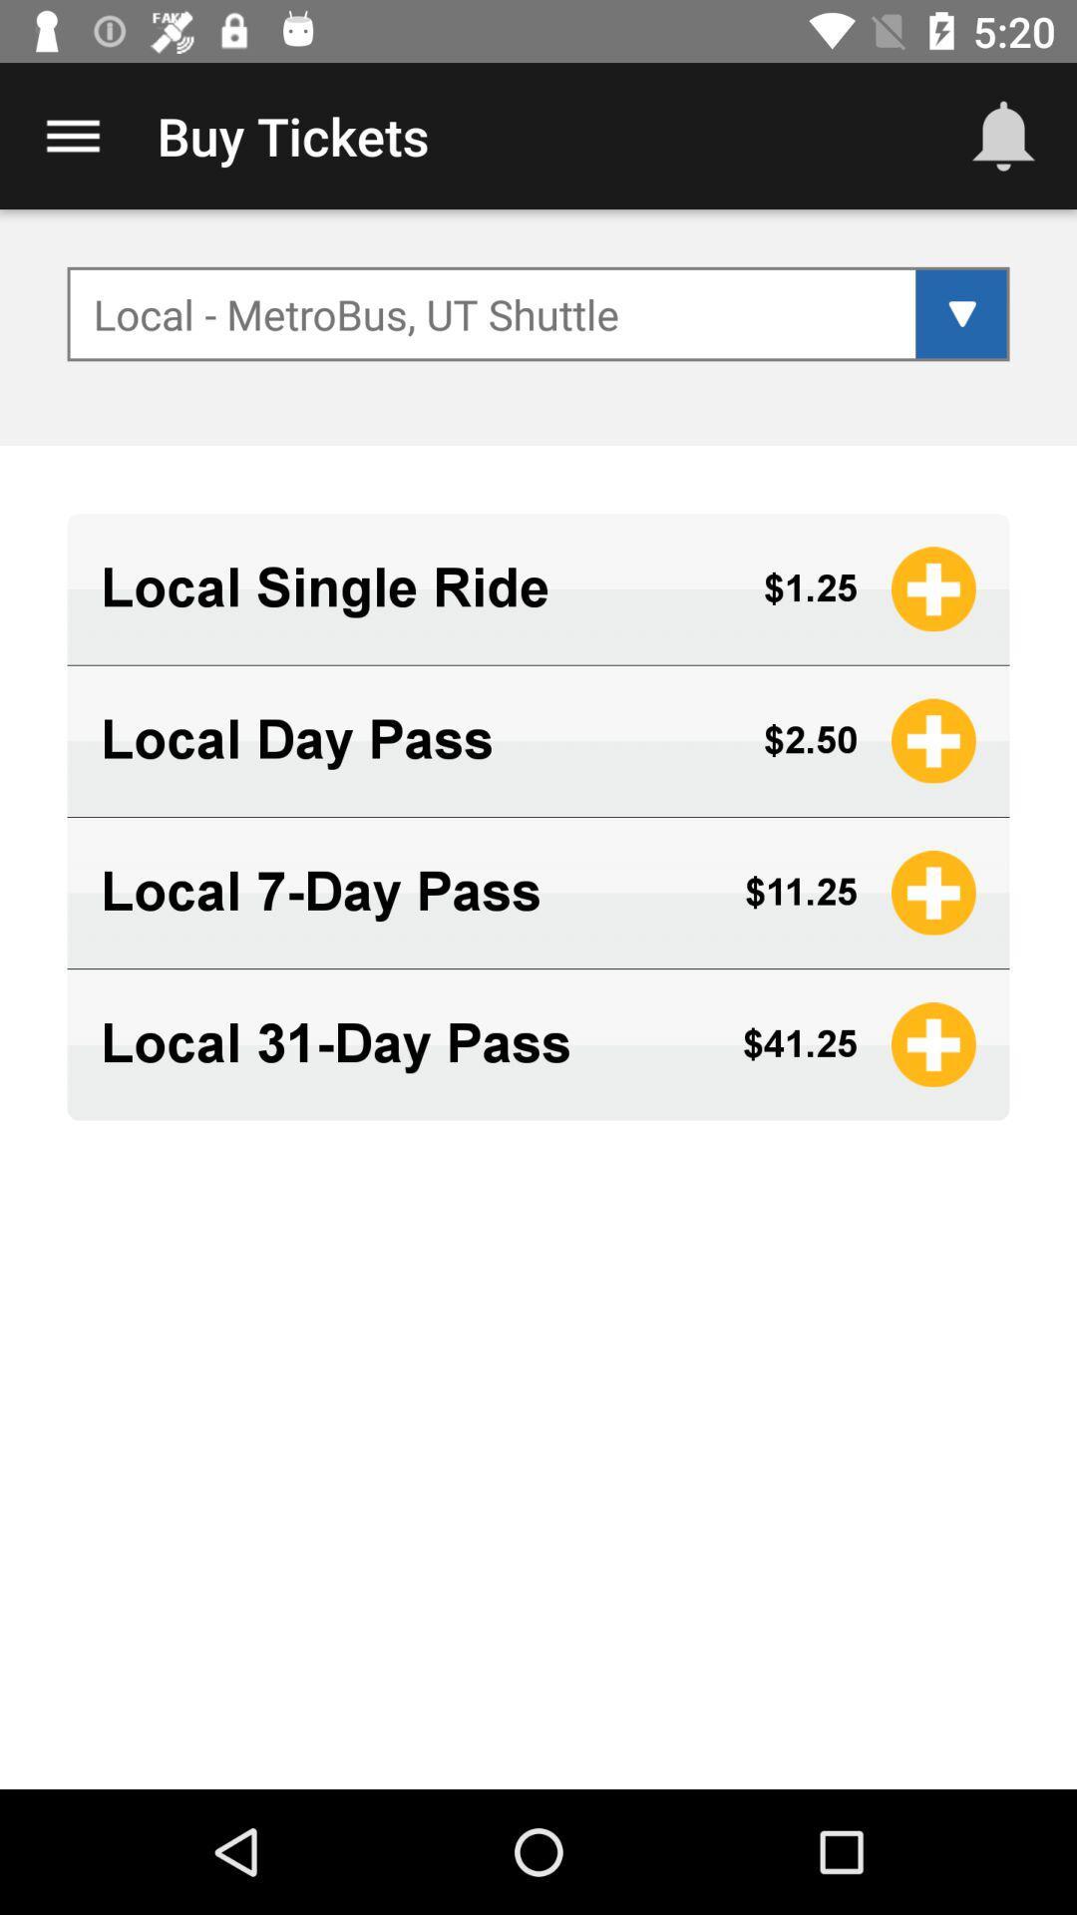 The height and width of the screenshot is (1915, 1077). I want to click on local single ride, so click(414, 587).